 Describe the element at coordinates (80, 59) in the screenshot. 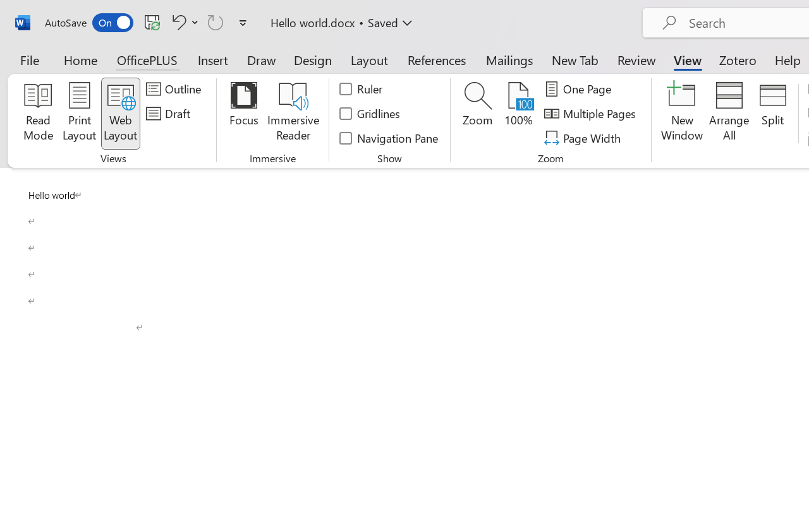

I see `'Home'` at that location.